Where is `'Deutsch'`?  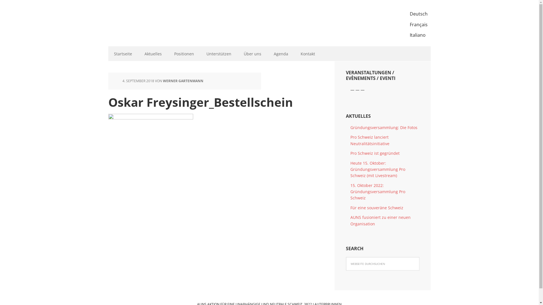 'Deutsch' is located at coordinates (418, 14).